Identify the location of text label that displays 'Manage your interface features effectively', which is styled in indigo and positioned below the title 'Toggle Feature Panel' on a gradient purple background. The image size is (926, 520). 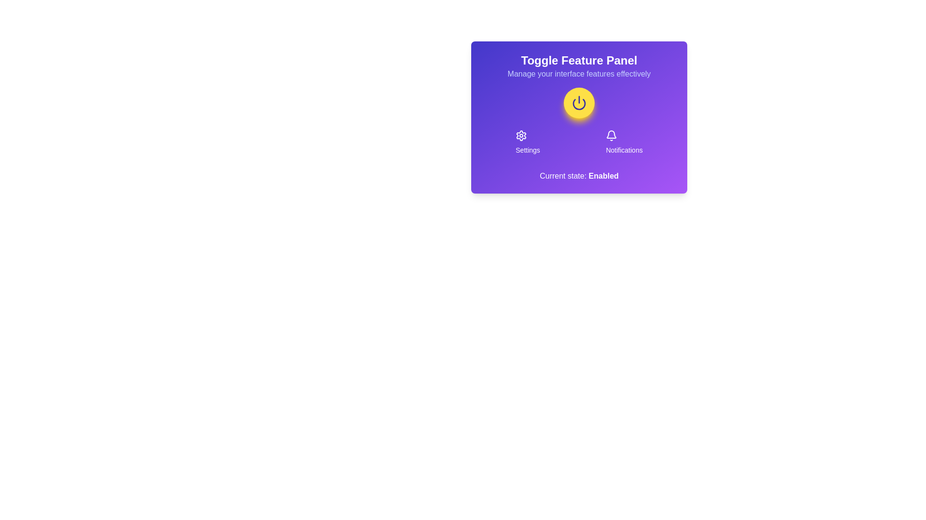
(579, 74).